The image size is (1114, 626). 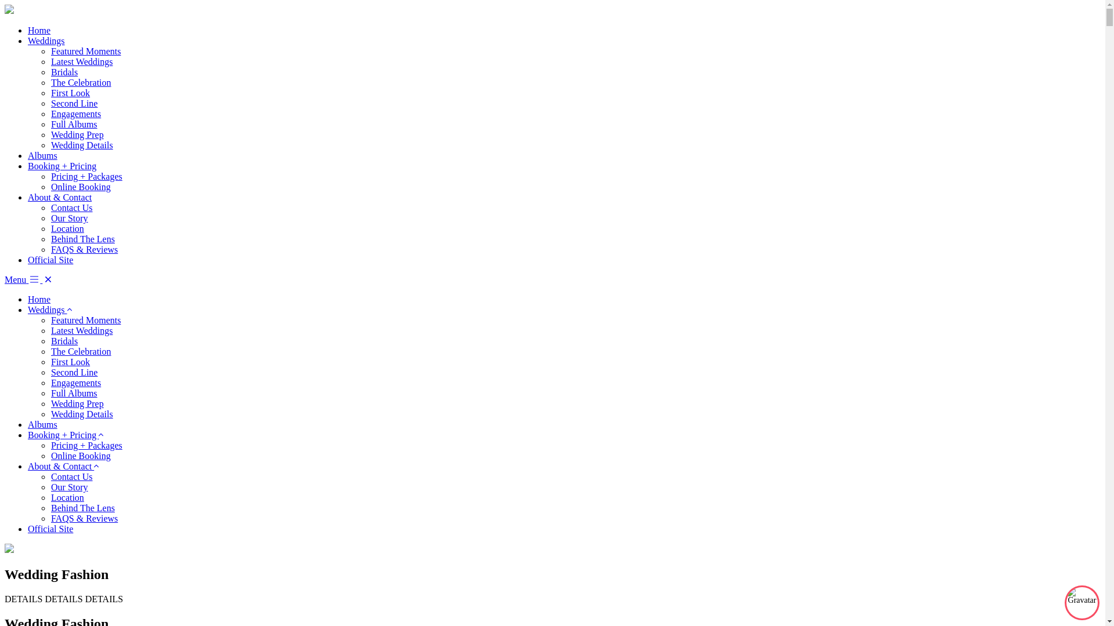 What do you see at coordinates (50, 351) in the screenshot?
I see `'The Celebration'` at bounding box center [50, 351].